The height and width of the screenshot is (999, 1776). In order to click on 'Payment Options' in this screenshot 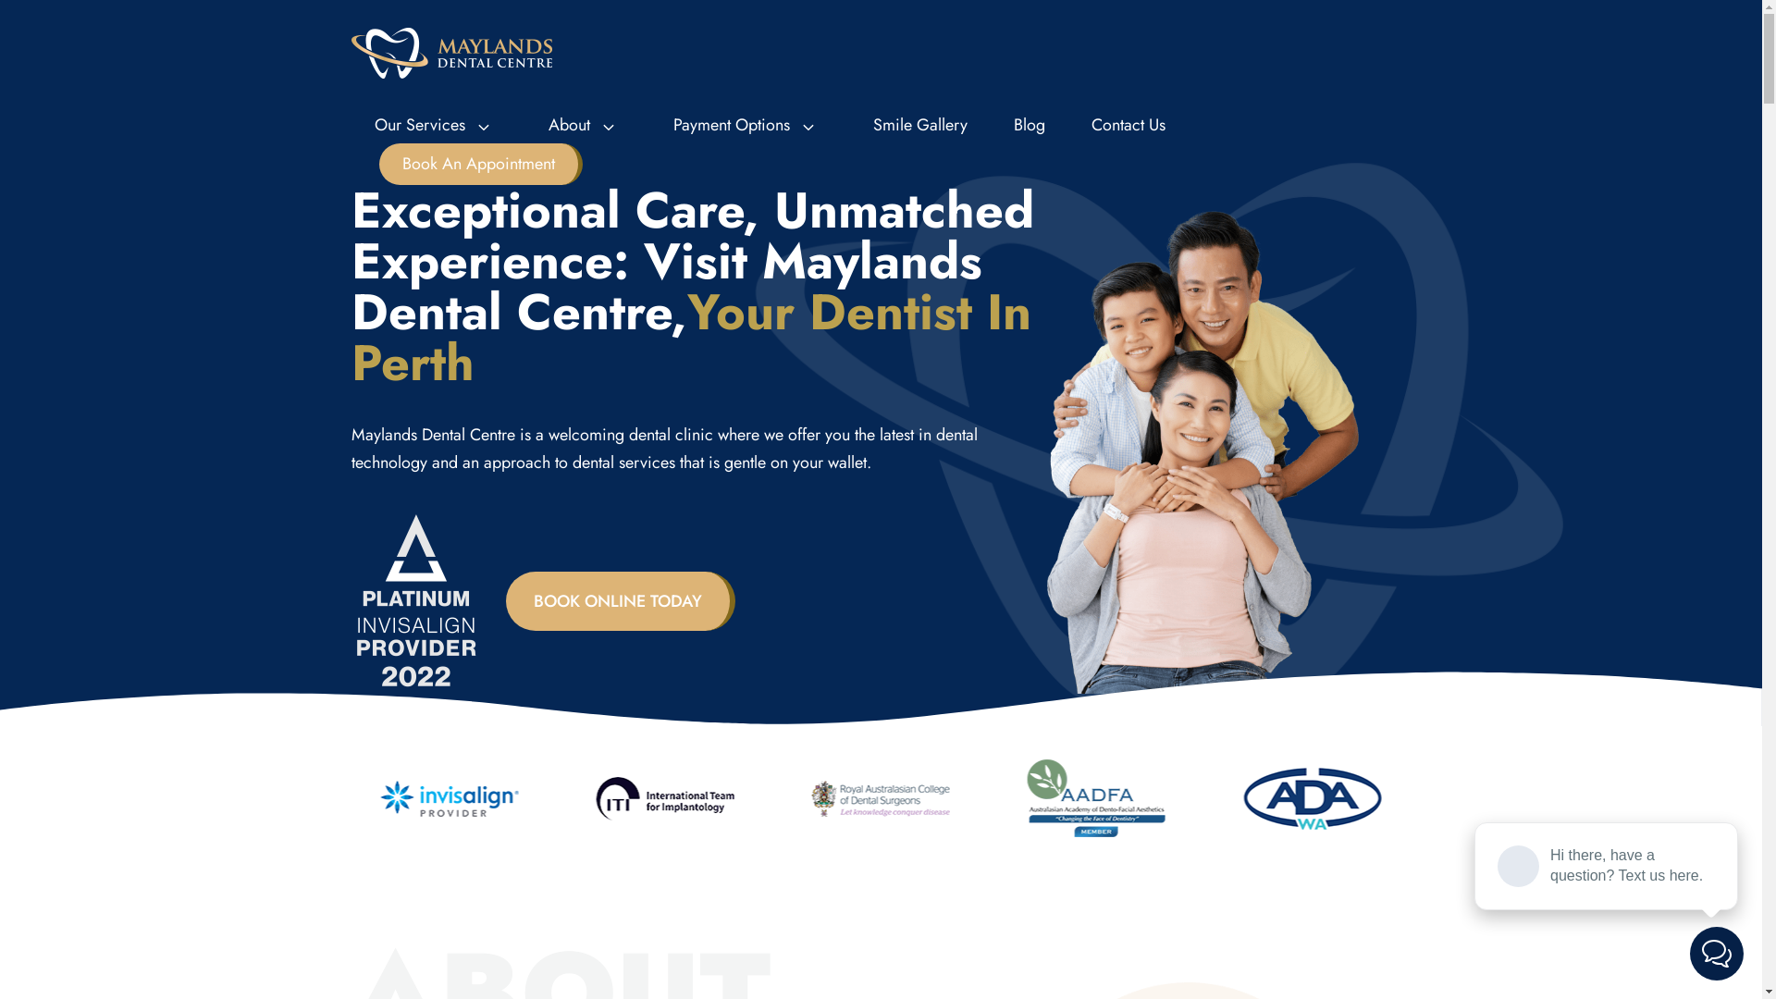, I will do `click(749, 125)`.